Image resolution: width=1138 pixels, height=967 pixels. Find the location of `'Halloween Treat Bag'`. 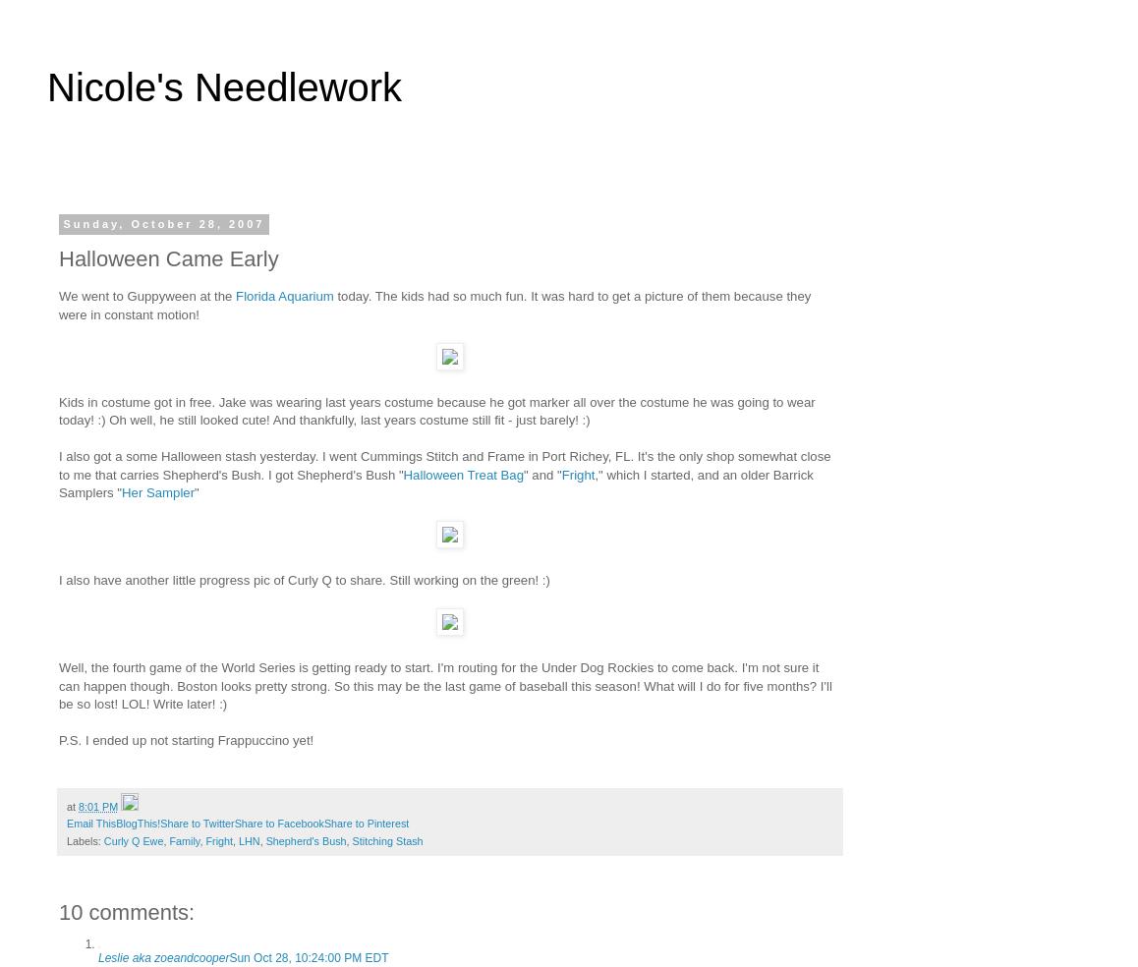

'Halloween Treat Bag' is located at coordinates (403, 474).